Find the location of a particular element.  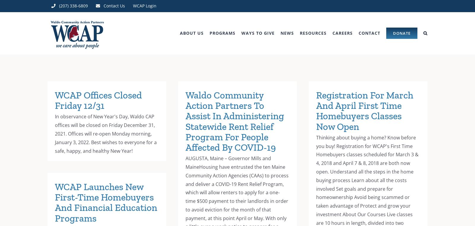

'Community Services' is located at coordinates (284, 194).